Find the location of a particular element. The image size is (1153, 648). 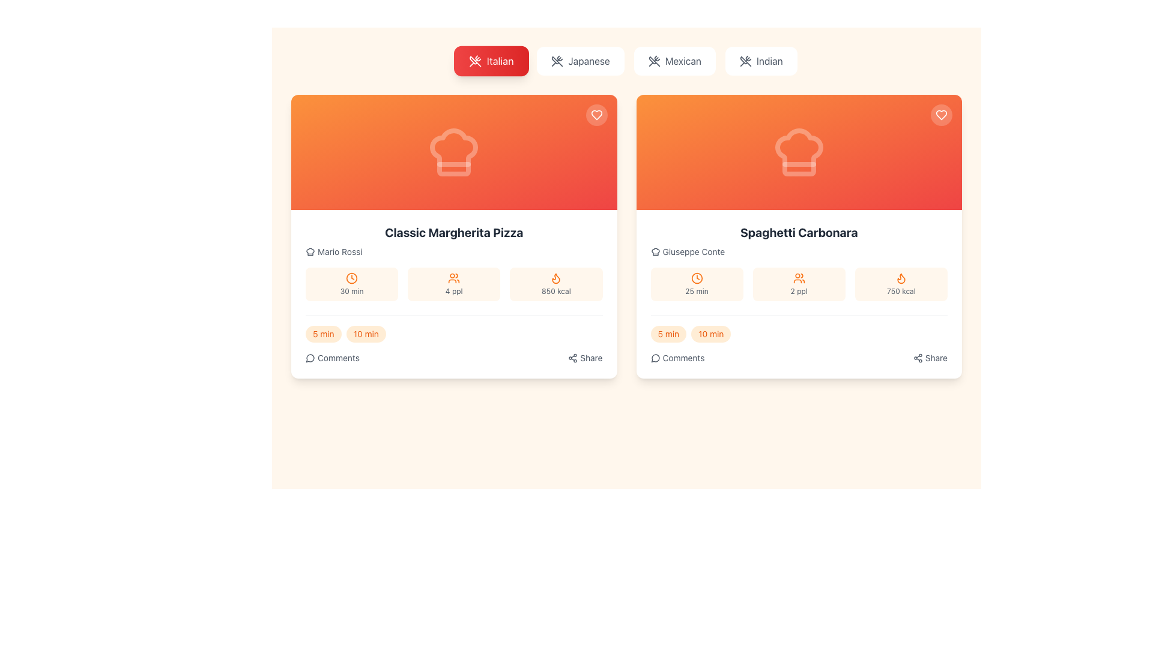

the button in the Navigation bar that allows selection of cuisines is located at coordinates (626, 61).